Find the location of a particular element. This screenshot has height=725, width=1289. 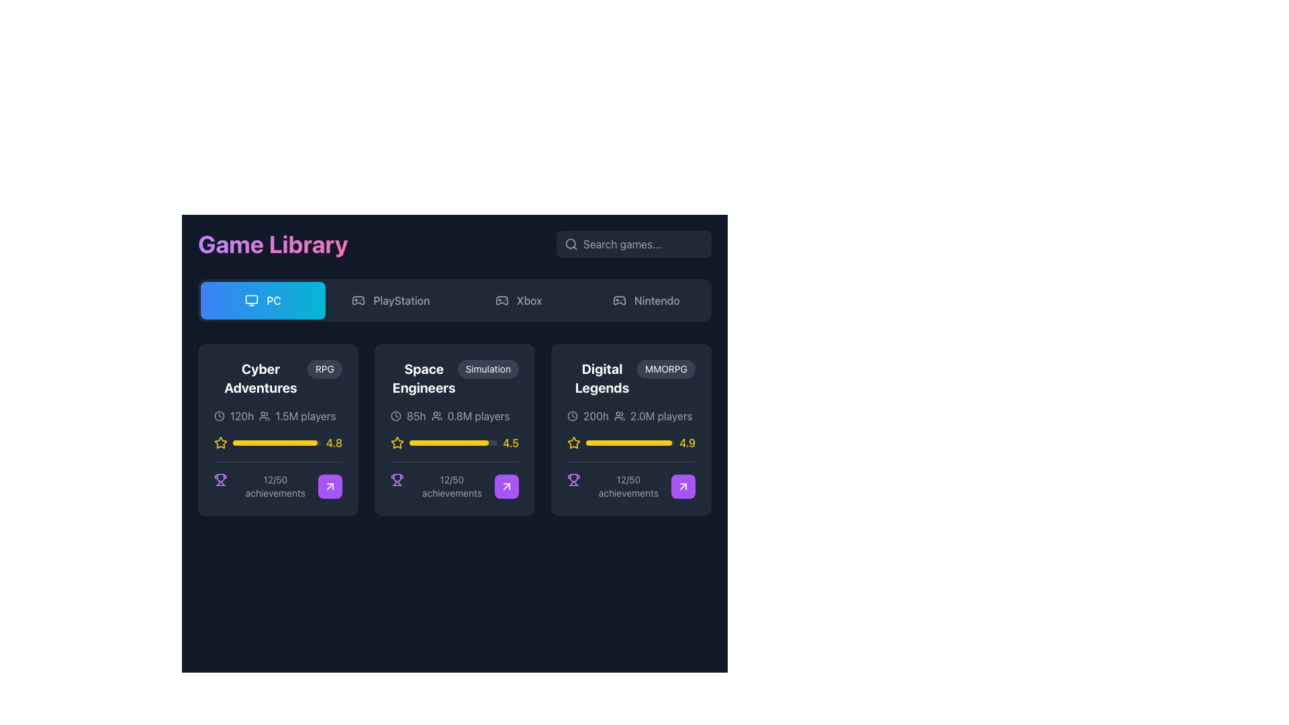

the compact SVG icon depicting a computer monitor, which is located to the left of the 'PC' label in the interactive card-like button with a gradient blue background is located at coordinates (252, 299).